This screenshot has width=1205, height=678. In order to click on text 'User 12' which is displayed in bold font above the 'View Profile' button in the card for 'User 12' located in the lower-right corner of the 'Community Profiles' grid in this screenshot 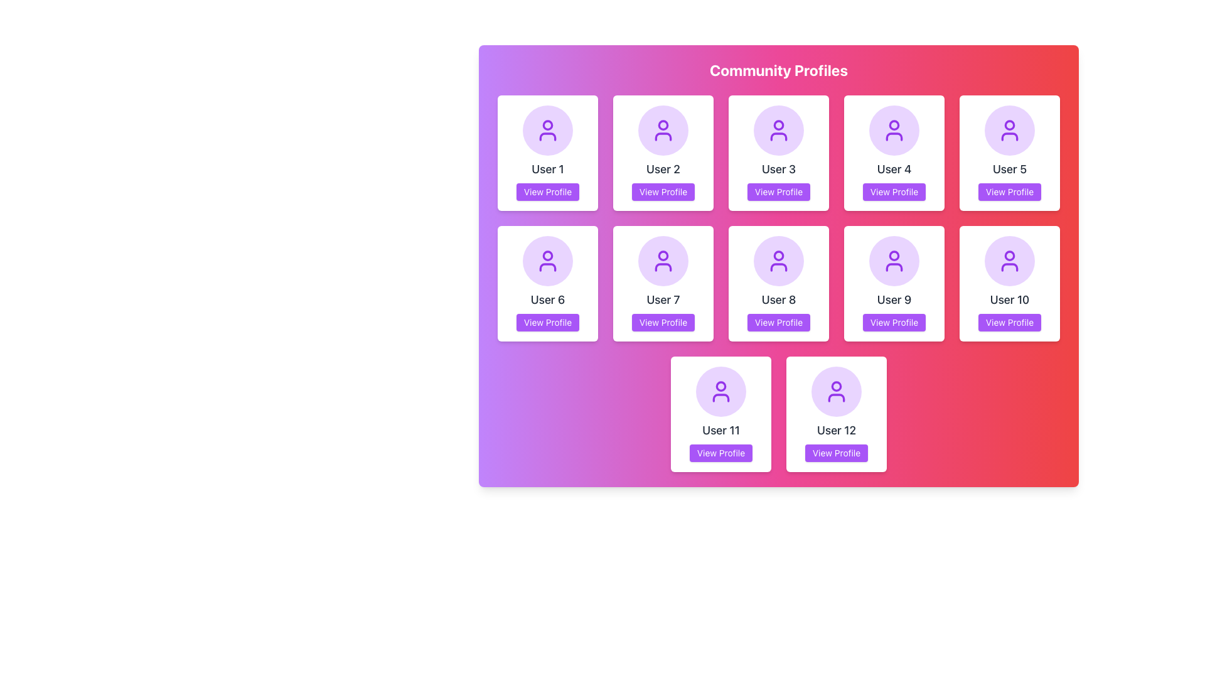, I will do `click(837, 430)`.